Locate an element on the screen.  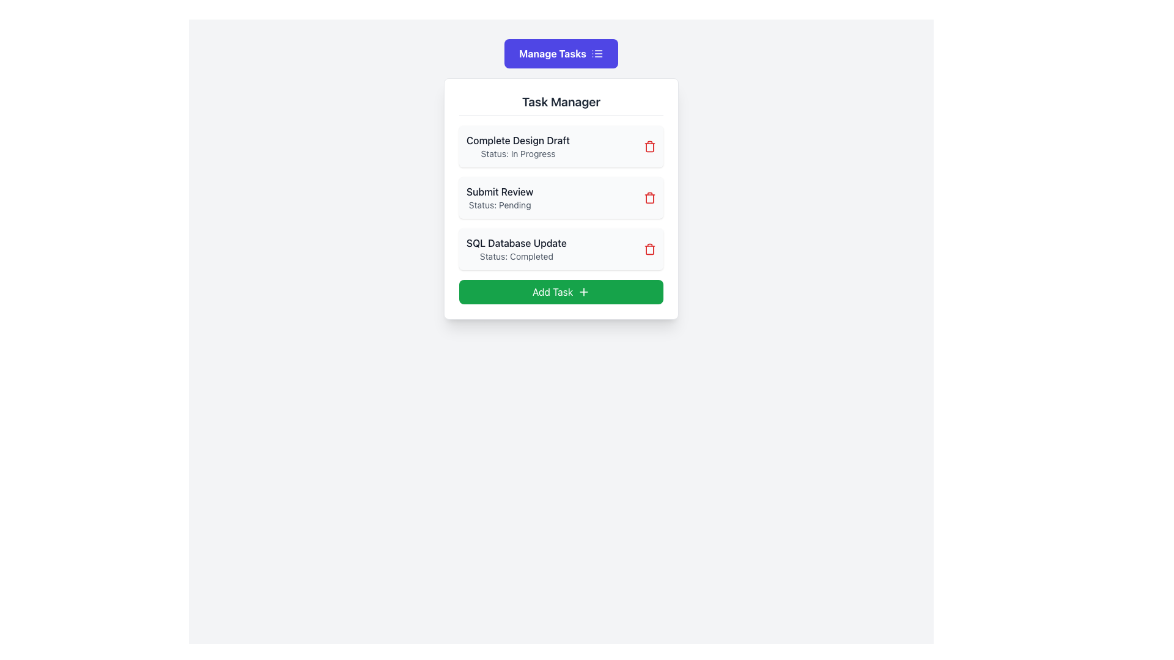
the trash bin icon located in the 'Submit Review' task row of the 'Task Manager' card is located at coordinates (649, 197).